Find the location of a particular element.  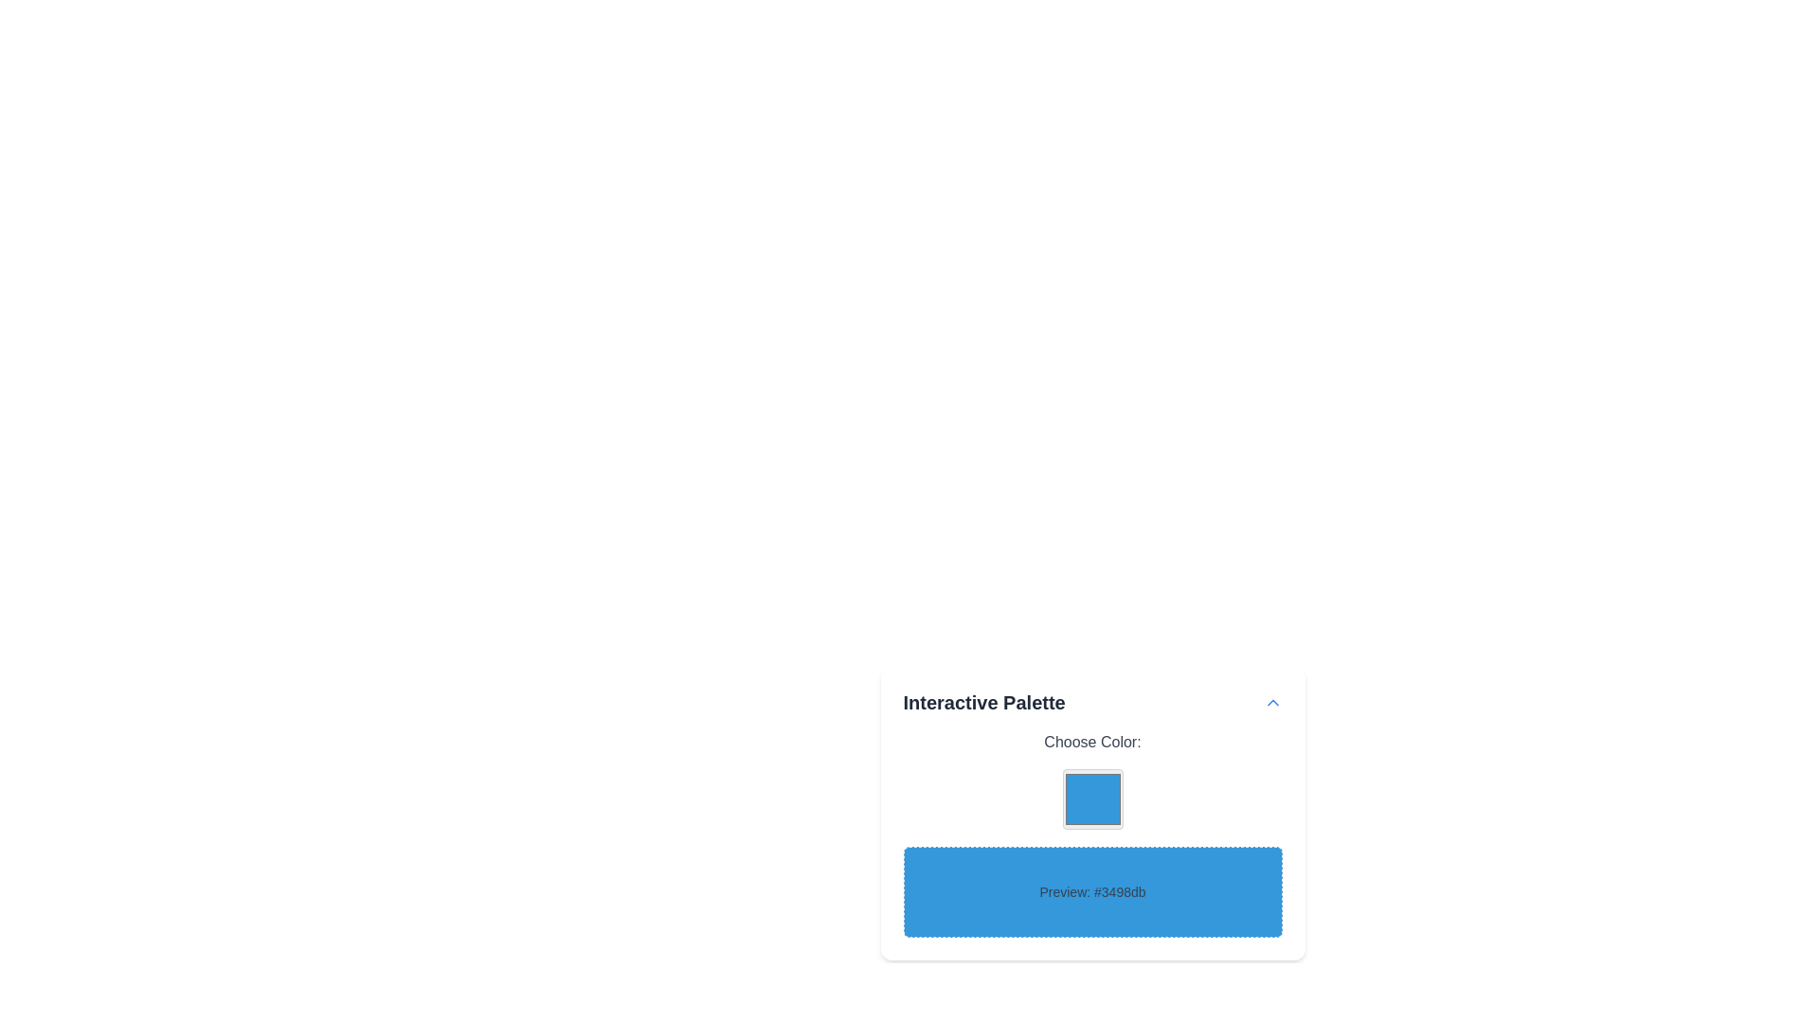

the background color of the Preview panel which is a rounded rectangular component with a blue background displaying the color code '#3498db' is located at coordinates (1092, 813).